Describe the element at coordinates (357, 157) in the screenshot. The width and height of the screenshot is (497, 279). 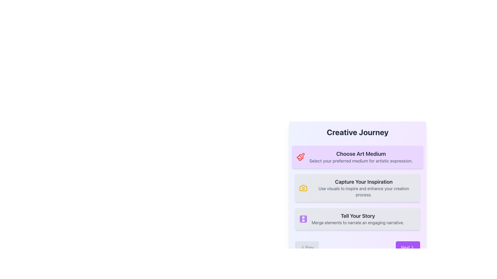
I see `the topmost informative card in the 'Creative Journey' section that allows users to select their preferred artistic medium` at that location.